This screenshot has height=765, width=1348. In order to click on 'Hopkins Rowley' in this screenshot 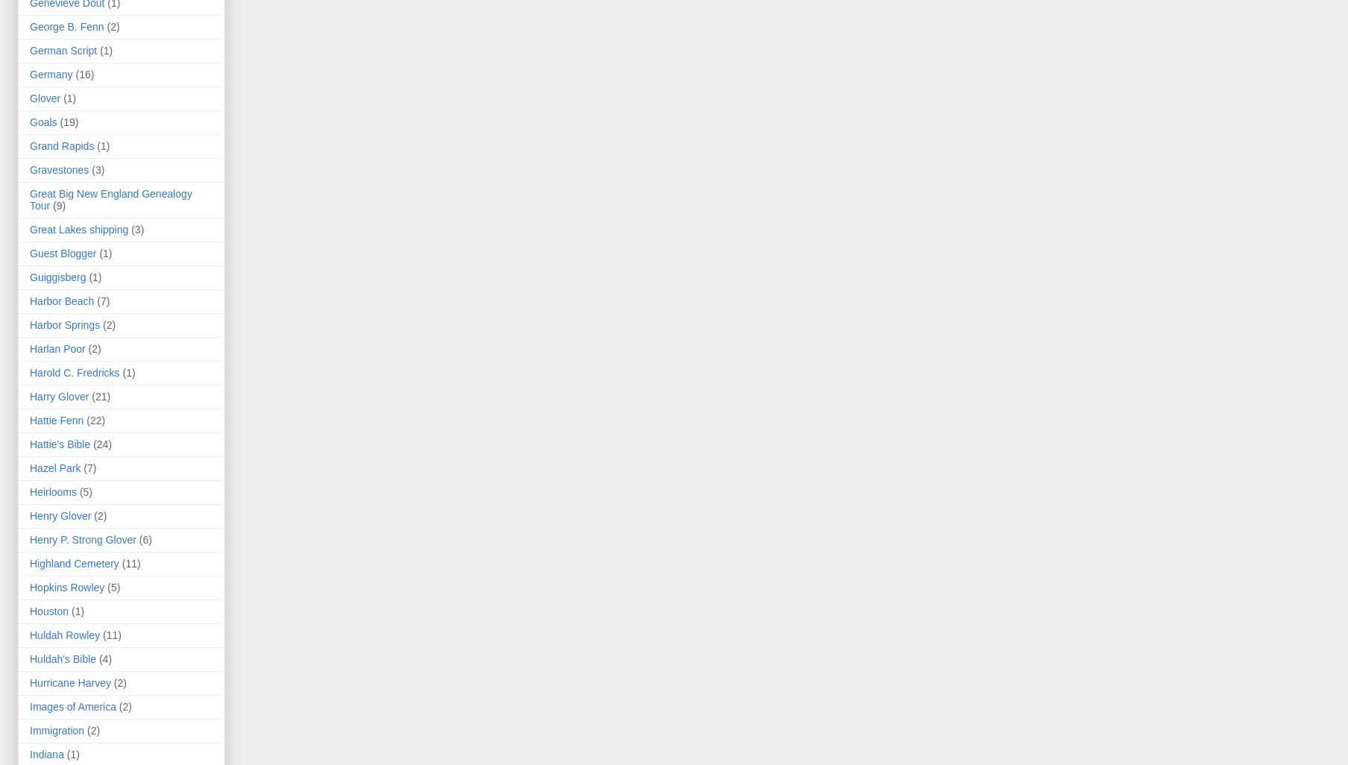, I will do `click(66, 586)`.